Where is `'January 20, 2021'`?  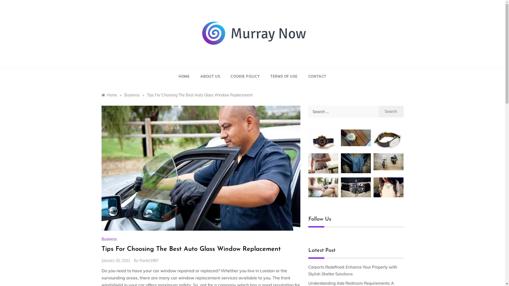
'January 20, 2021' is located at coordinates (115, 260).